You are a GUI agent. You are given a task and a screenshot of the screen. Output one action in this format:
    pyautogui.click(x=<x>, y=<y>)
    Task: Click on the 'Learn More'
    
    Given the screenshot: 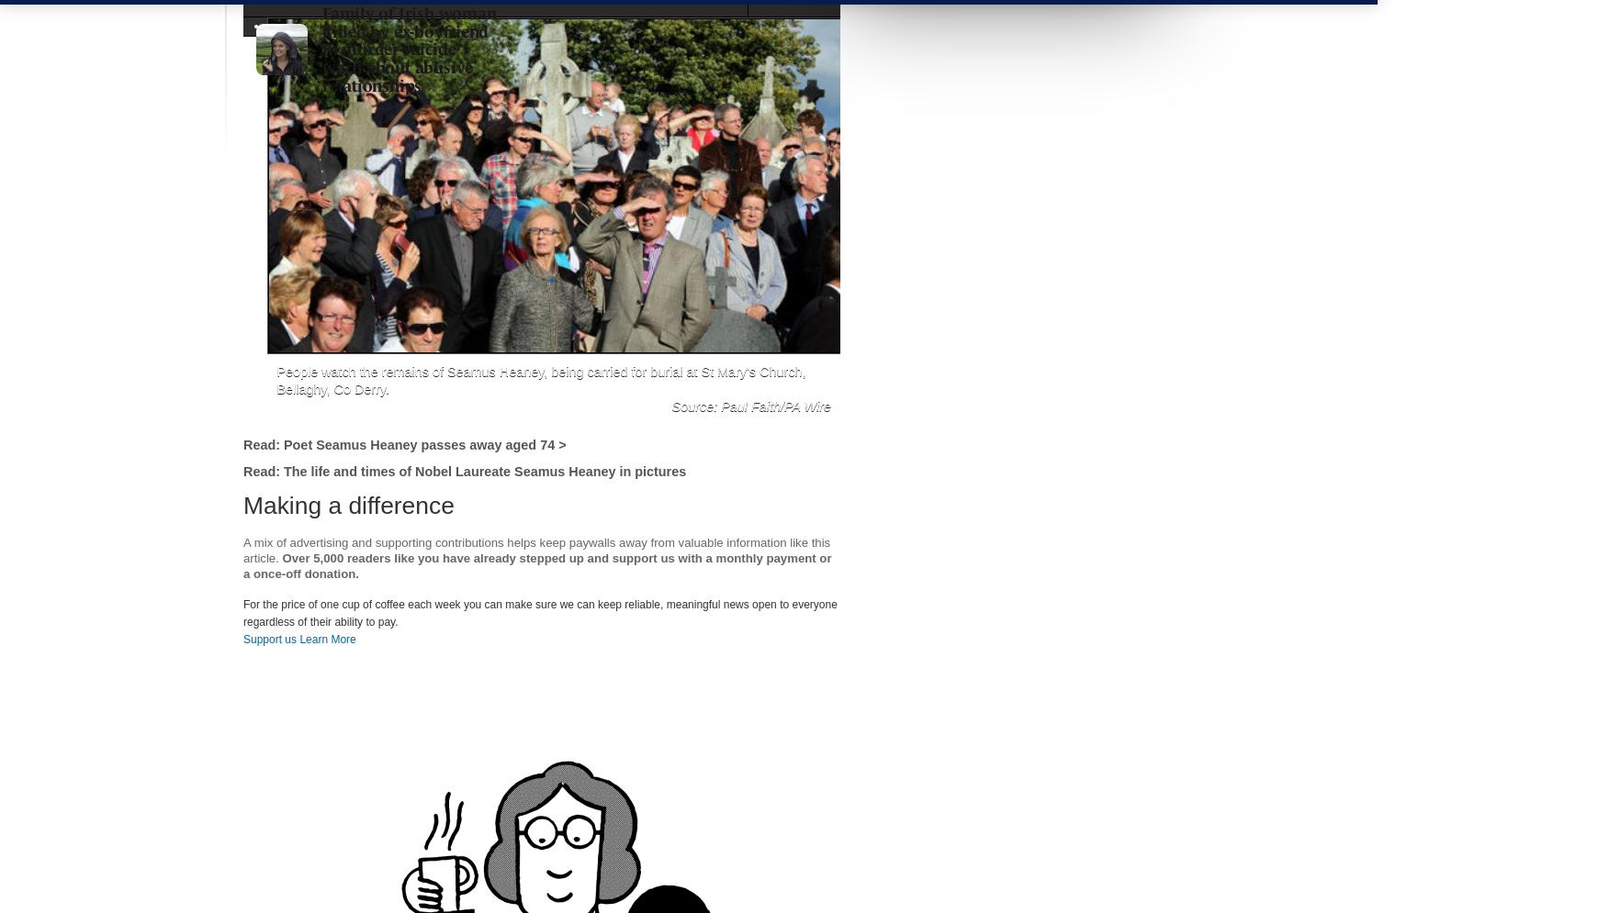 What is the action you would take?
    pyautogui.click(x=326, y=639)
    